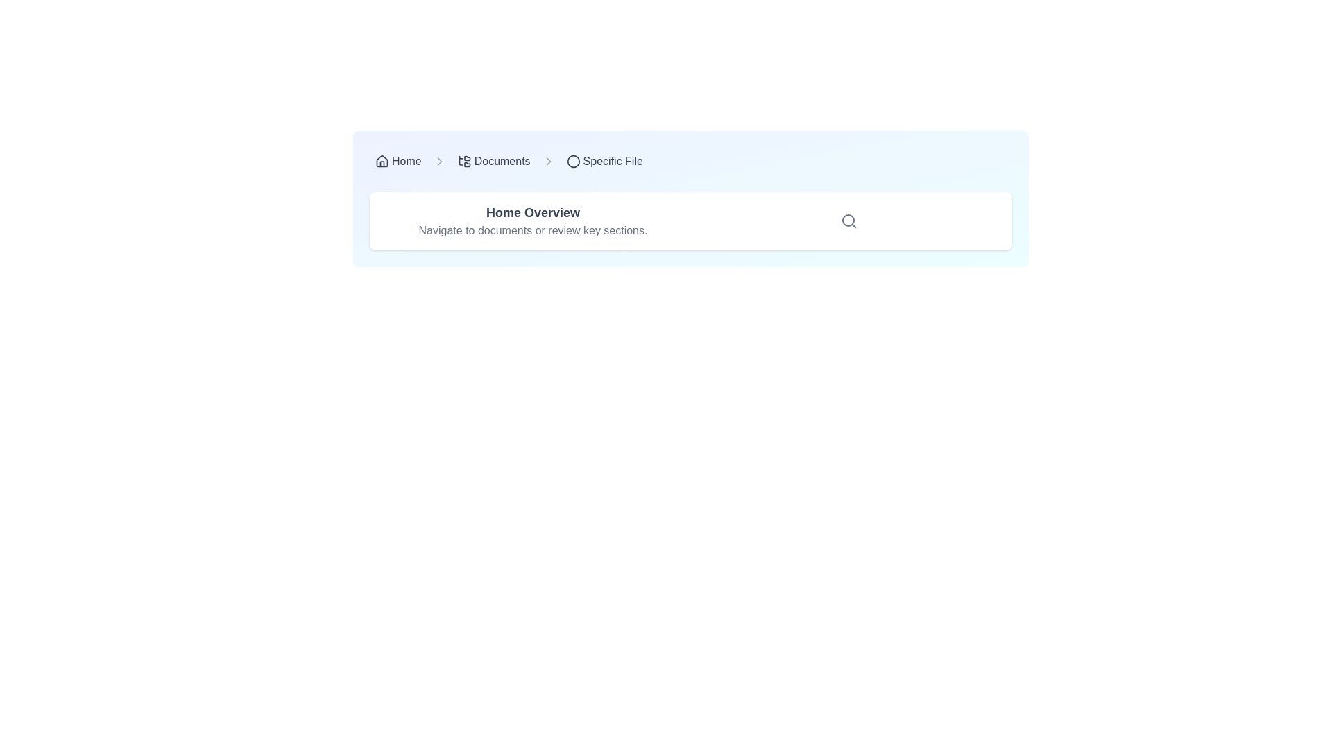 This screenshot has width=1332, height=749. I want to click on the house icon located at the far-left side of the breadcrumb navigation bar, so click(382, 160).